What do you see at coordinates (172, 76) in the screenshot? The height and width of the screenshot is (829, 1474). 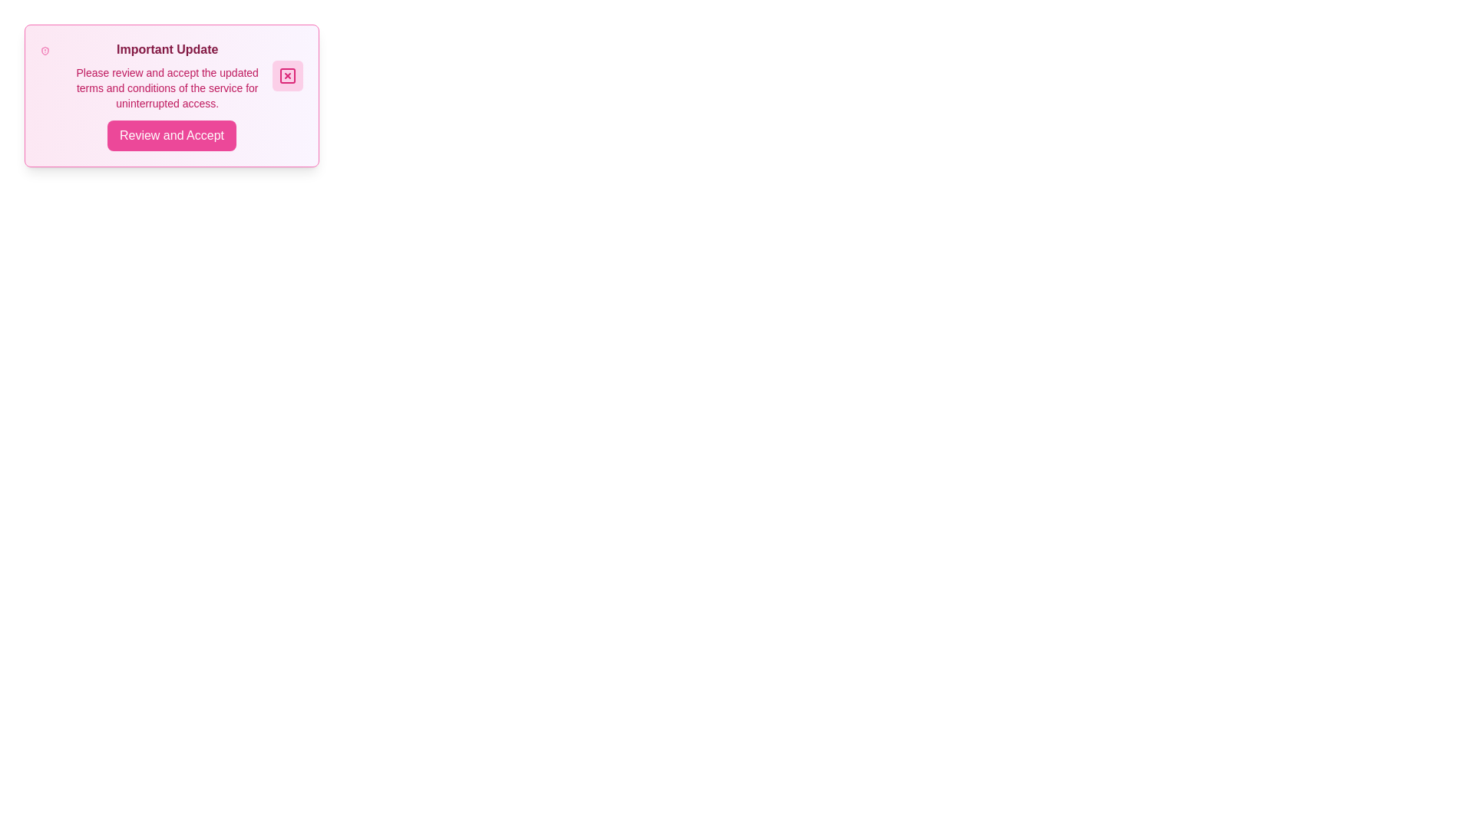 I see `the notification text block that informs users about an important update, located above the 'Review and Accept' button` at bounding box center [172, 76].